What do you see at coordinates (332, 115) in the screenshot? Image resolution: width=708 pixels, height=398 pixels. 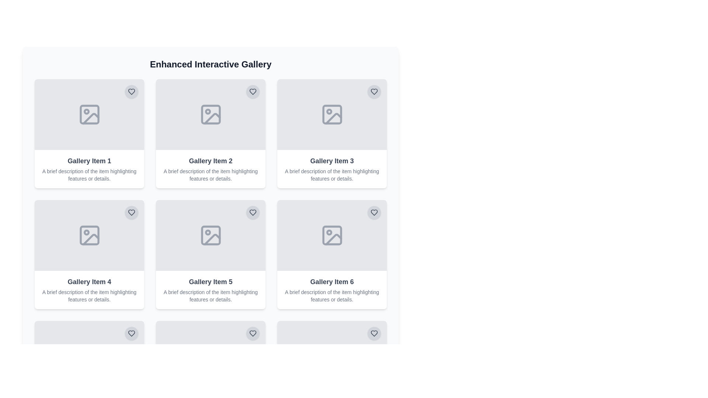 I see `the grayscale icon representing an image with a circular dot and a slanted line inside a square with rounded corners, located in the third gallery item of the first row` at bounding box center [332, 115].